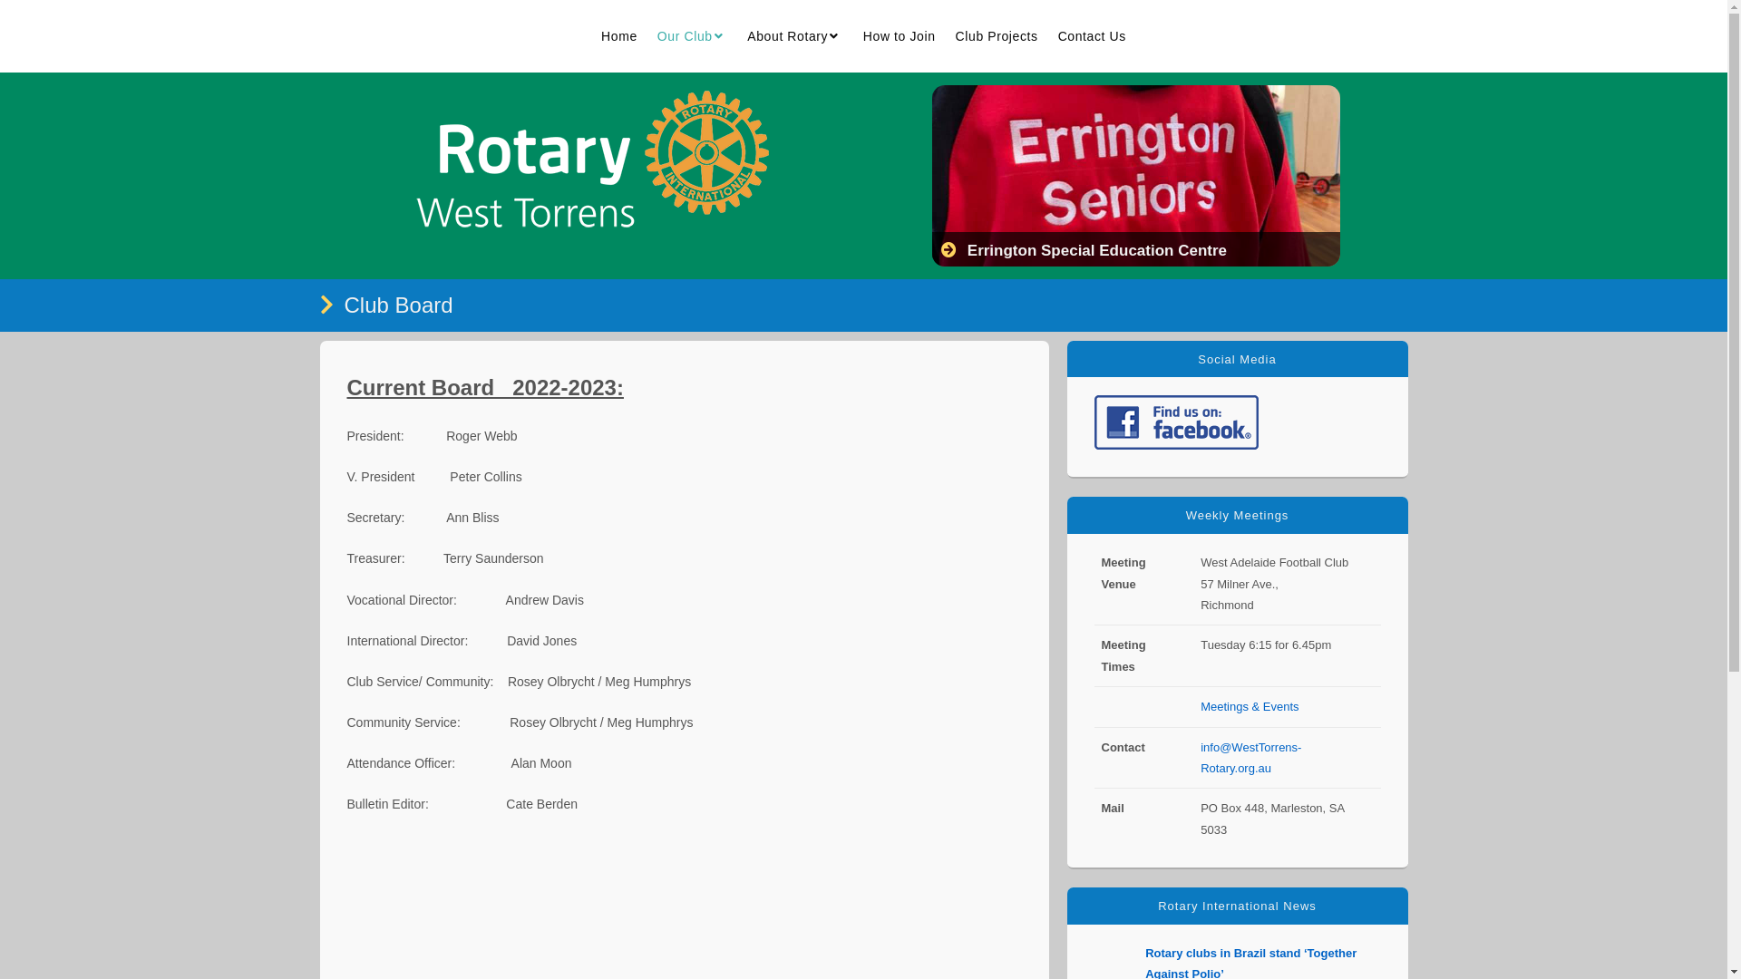  Describe the element at coordinates (618, 35) in the screenshot. I see `'Home'` at that location.